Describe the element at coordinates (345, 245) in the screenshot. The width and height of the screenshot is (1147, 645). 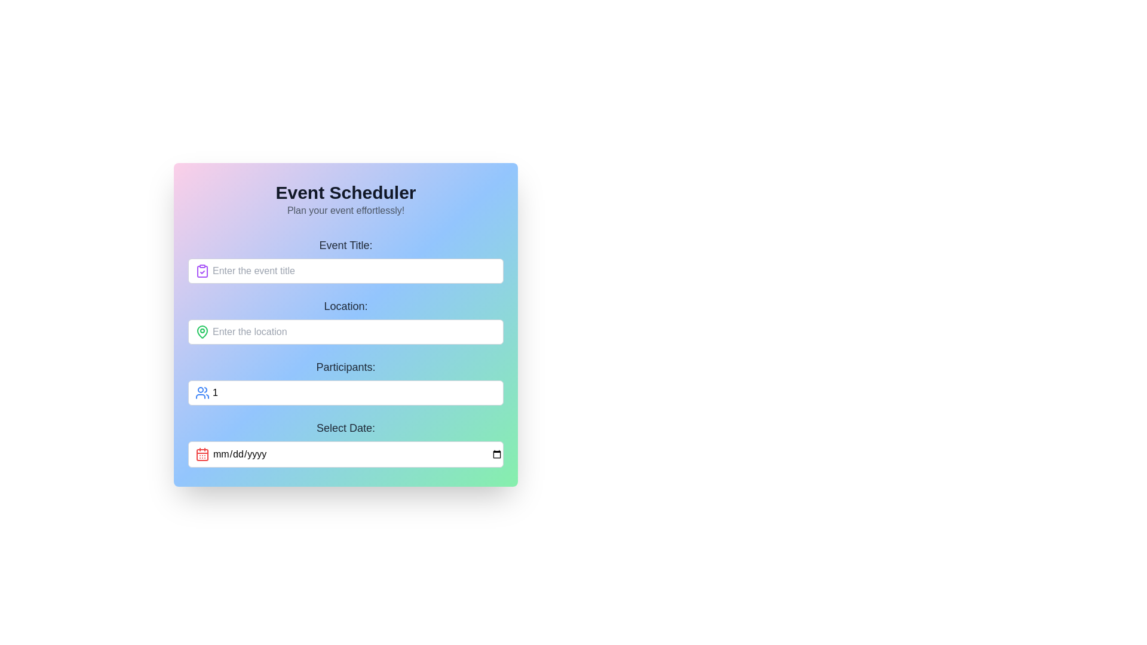
I see `the text label displaying 'Event Title:' which is positioned at the top of the form, directly above the input field with placeholder 'Enter the event title'` at that location.